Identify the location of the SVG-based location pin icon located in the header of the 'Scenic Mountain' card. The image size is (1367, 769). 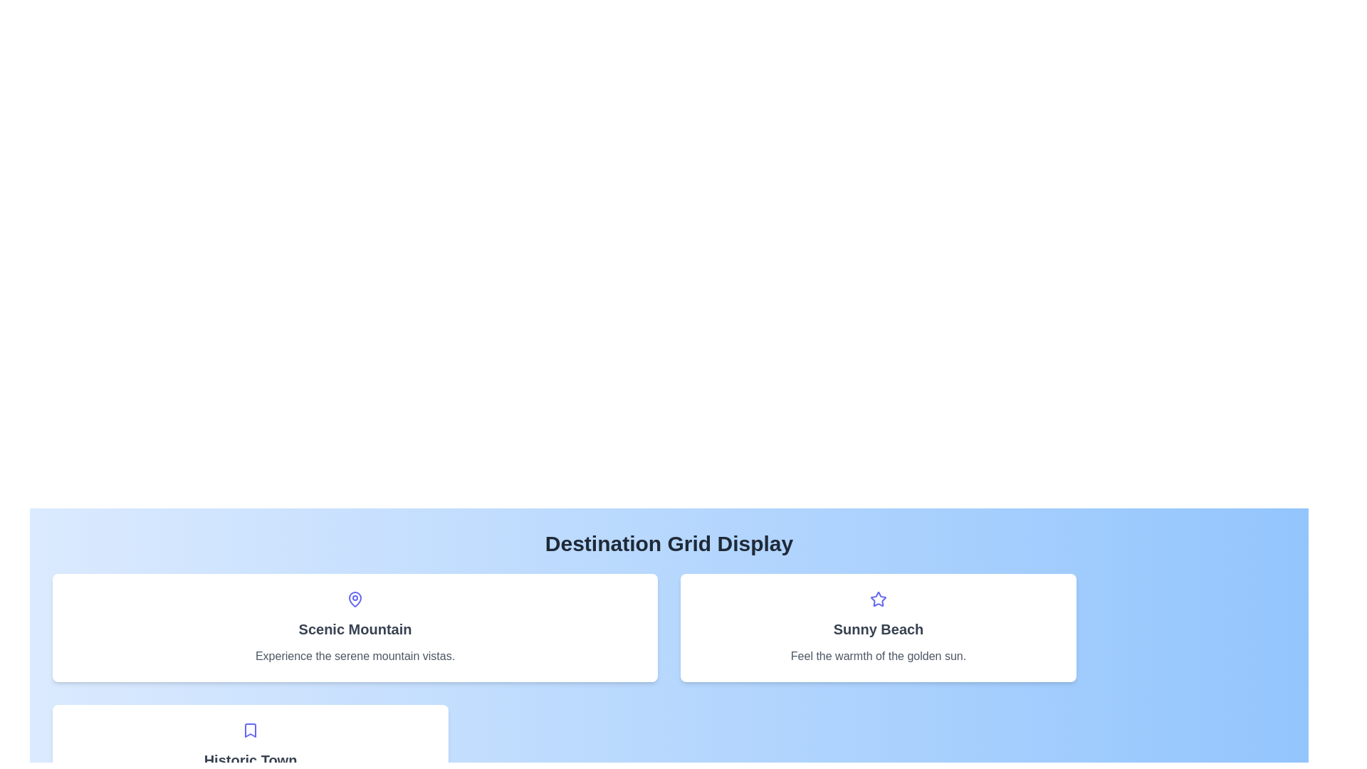
(355, 599).